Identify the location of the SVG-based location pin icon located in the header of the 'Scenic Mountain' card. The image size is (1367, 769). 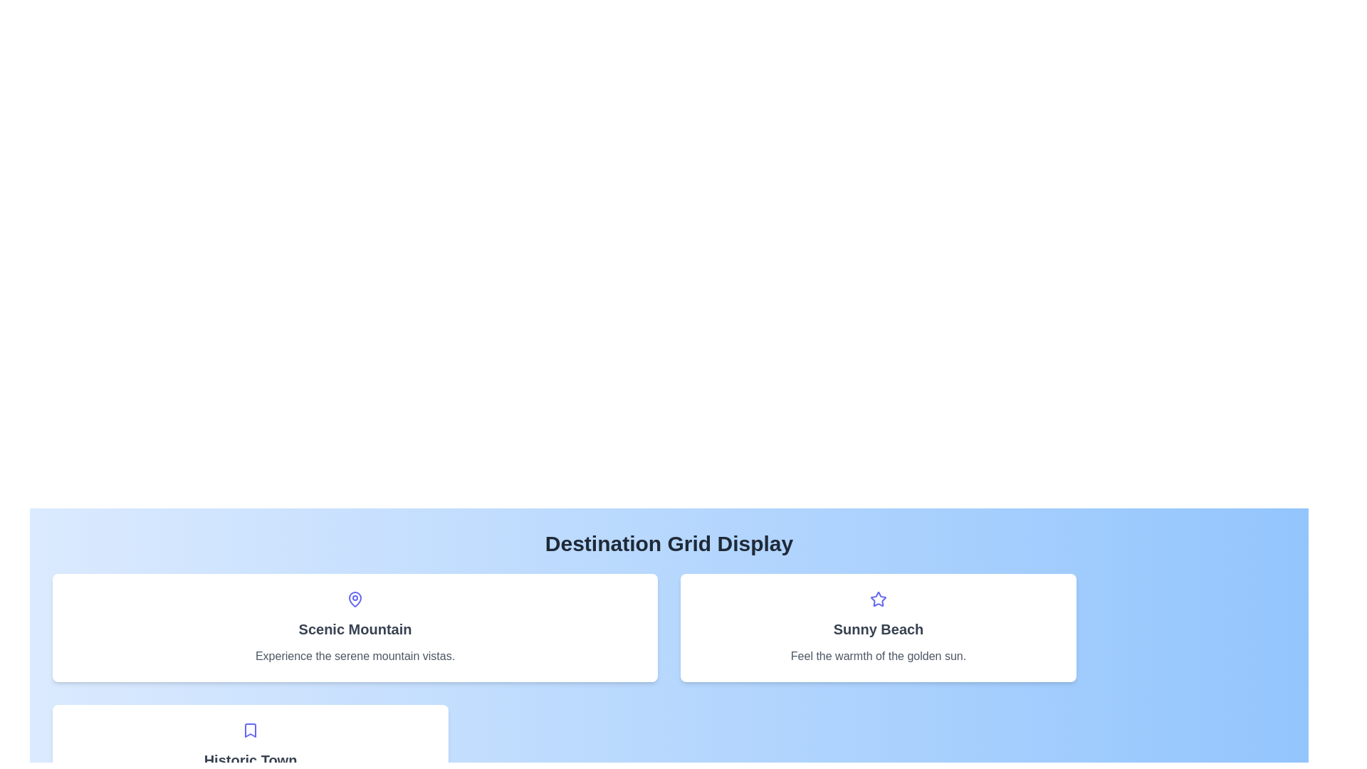
(355, 599).